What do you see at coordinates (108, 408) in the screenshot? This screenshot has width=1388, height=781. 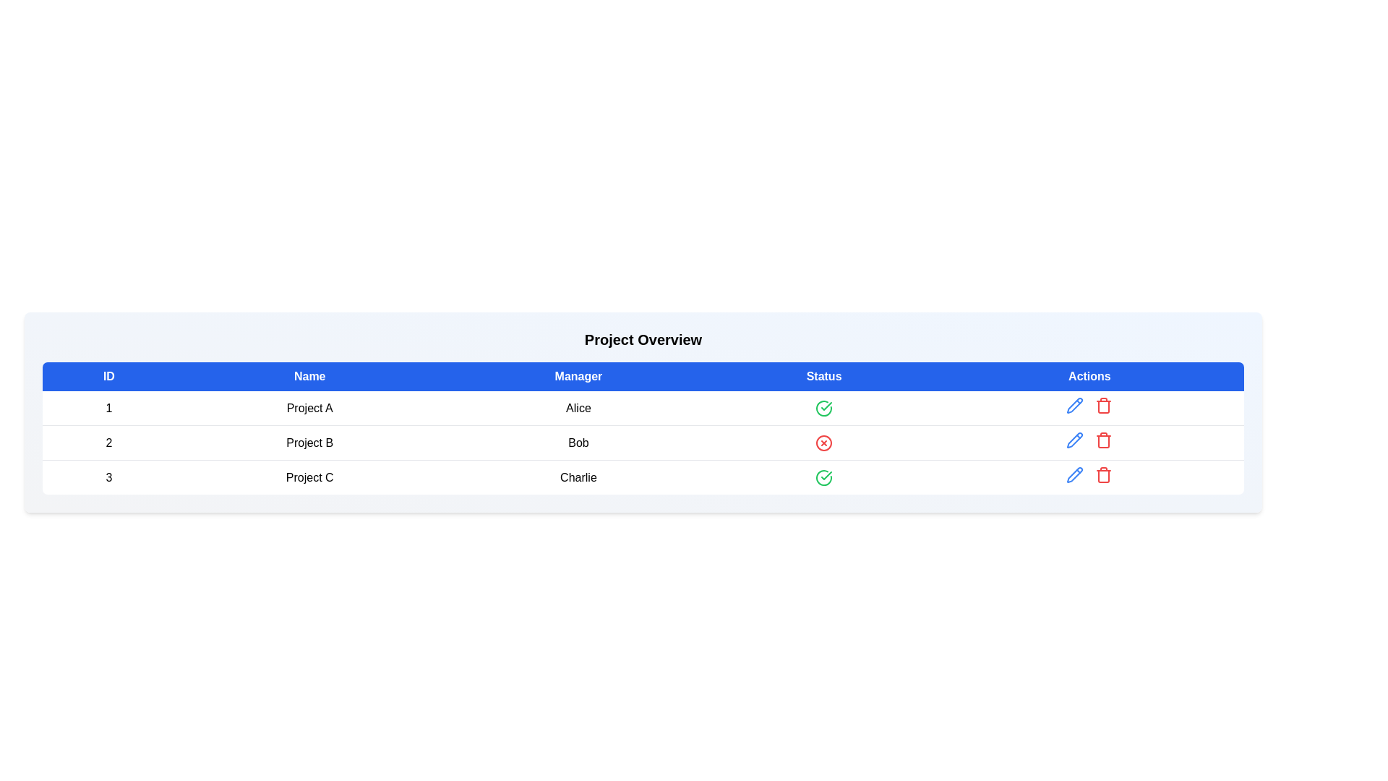 I see `text from the table cell containing the character '1', which is styled with centered text and padding, located in the first row under the 'ID' column` at bounding box center [108, 408].